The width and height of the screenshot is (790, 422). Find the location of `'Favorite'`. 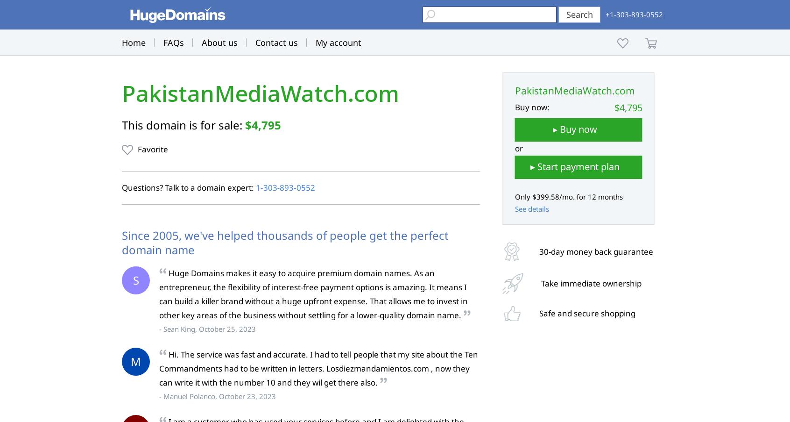

'Favorite' is located at coordinates (152, 149).